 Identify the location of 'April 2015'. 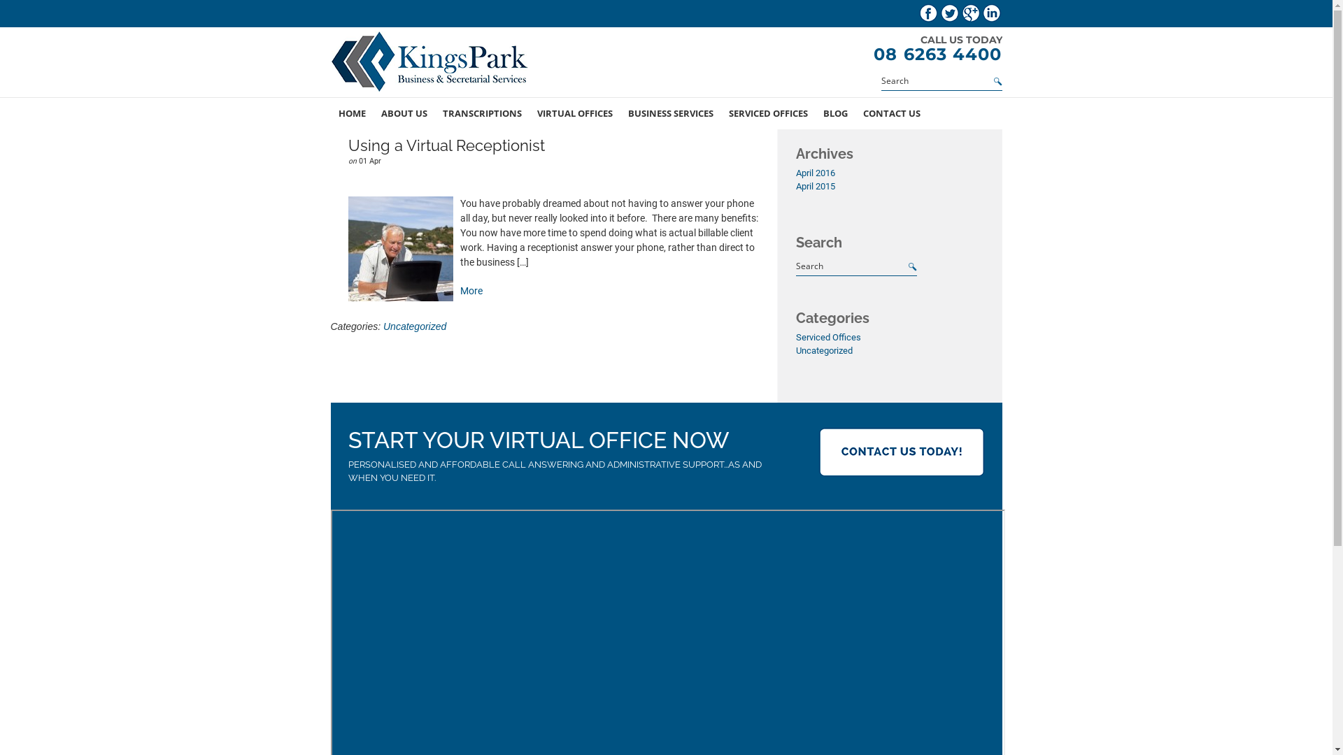
(816, 185).